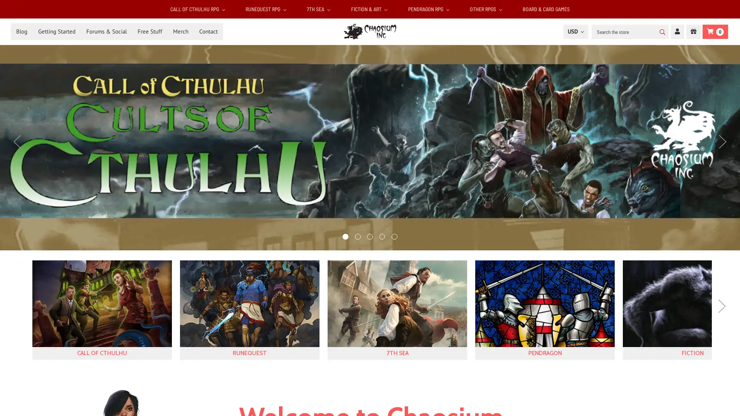  Describe the element at coordinates (18, 313) in the screenshot. I see `Previous` at that location.